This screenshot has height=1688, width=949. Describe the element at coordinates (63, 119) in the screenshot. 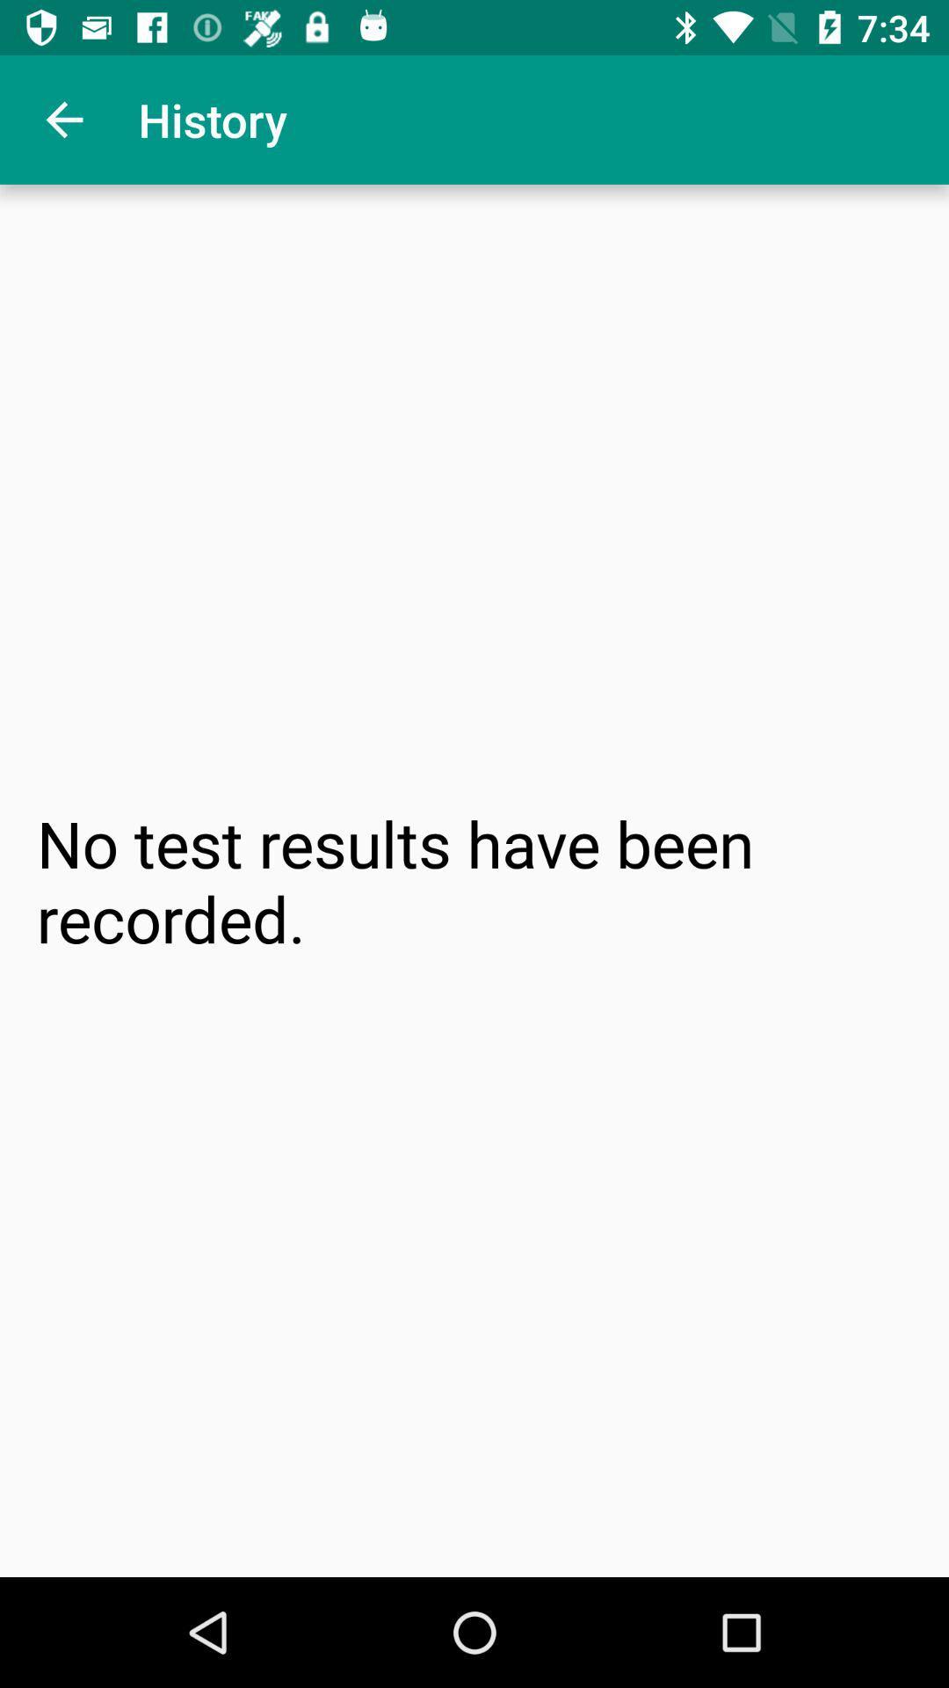

I see `the item above no test results` at that location.